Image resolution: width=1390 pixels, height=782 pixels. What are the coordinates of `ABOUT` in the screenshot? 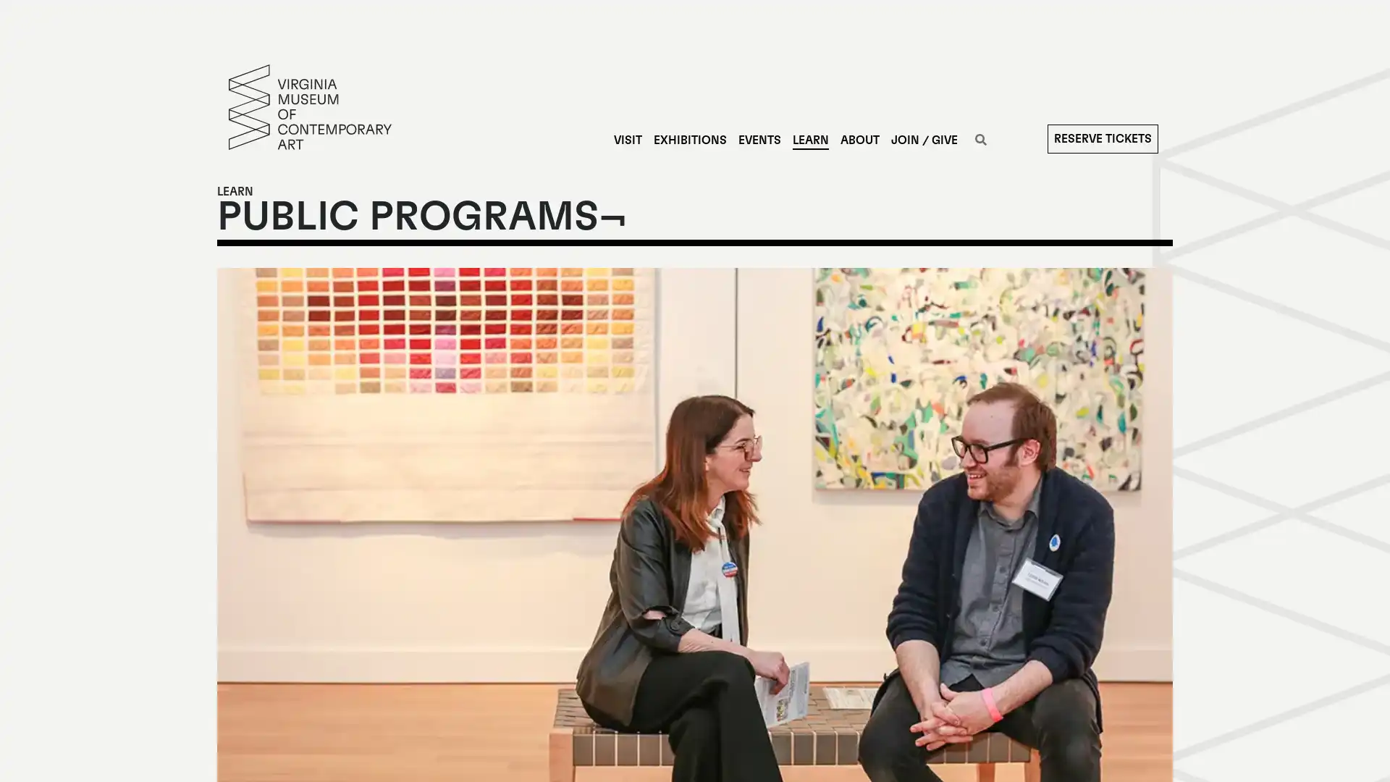 It's located at (859, 140).